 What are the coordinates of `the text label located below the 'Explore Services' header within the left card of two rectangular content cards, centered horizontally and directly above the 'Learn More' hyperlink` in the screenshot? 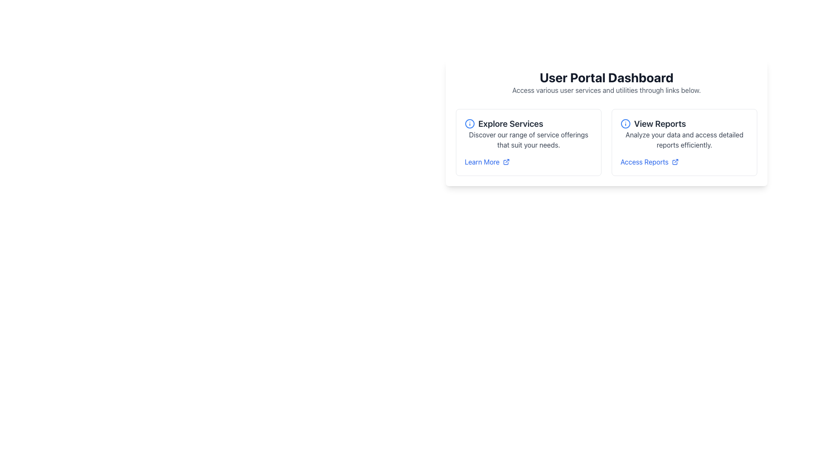 It's located at (528, 140).